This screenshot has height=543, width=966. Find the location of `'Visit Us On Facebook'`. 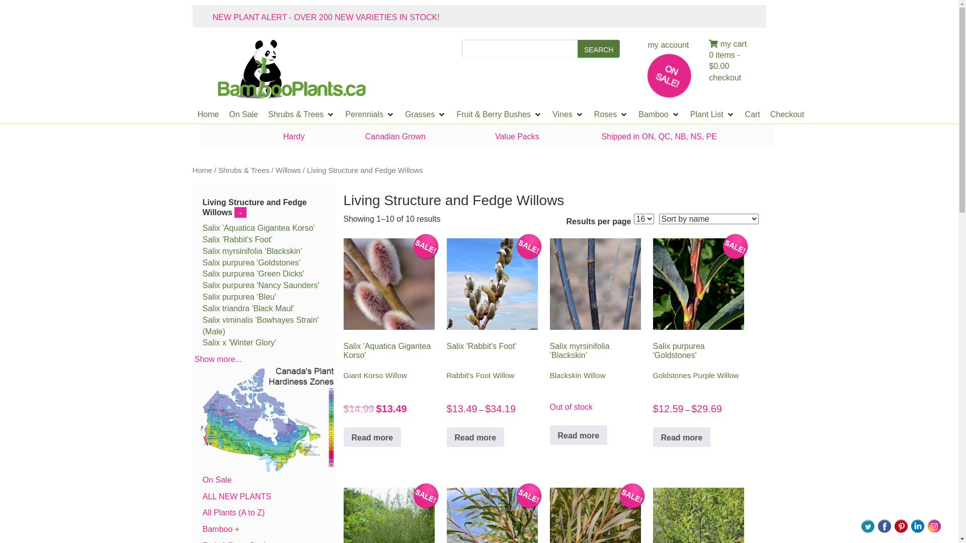

'Visit Us On Facebook' is located at coordinates (883, 524).